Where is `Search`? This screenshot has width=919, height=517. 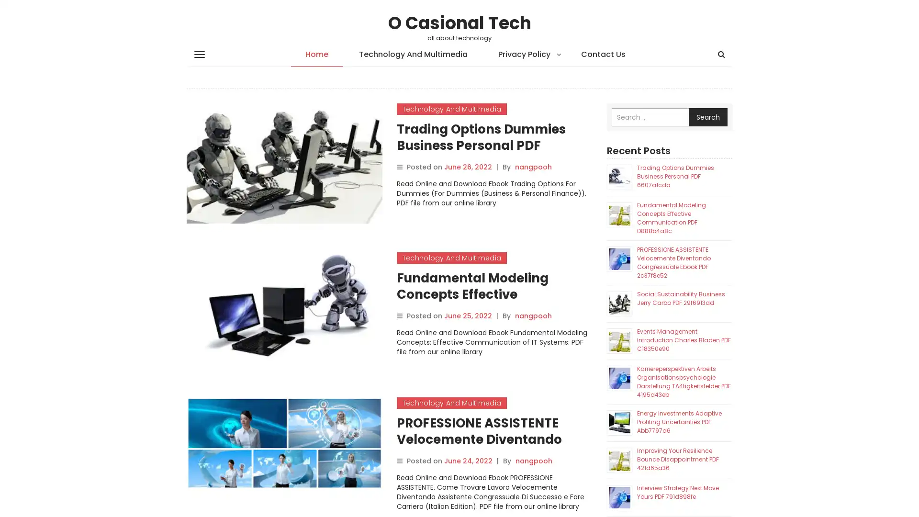 Search is located at coordinates (708, 117).